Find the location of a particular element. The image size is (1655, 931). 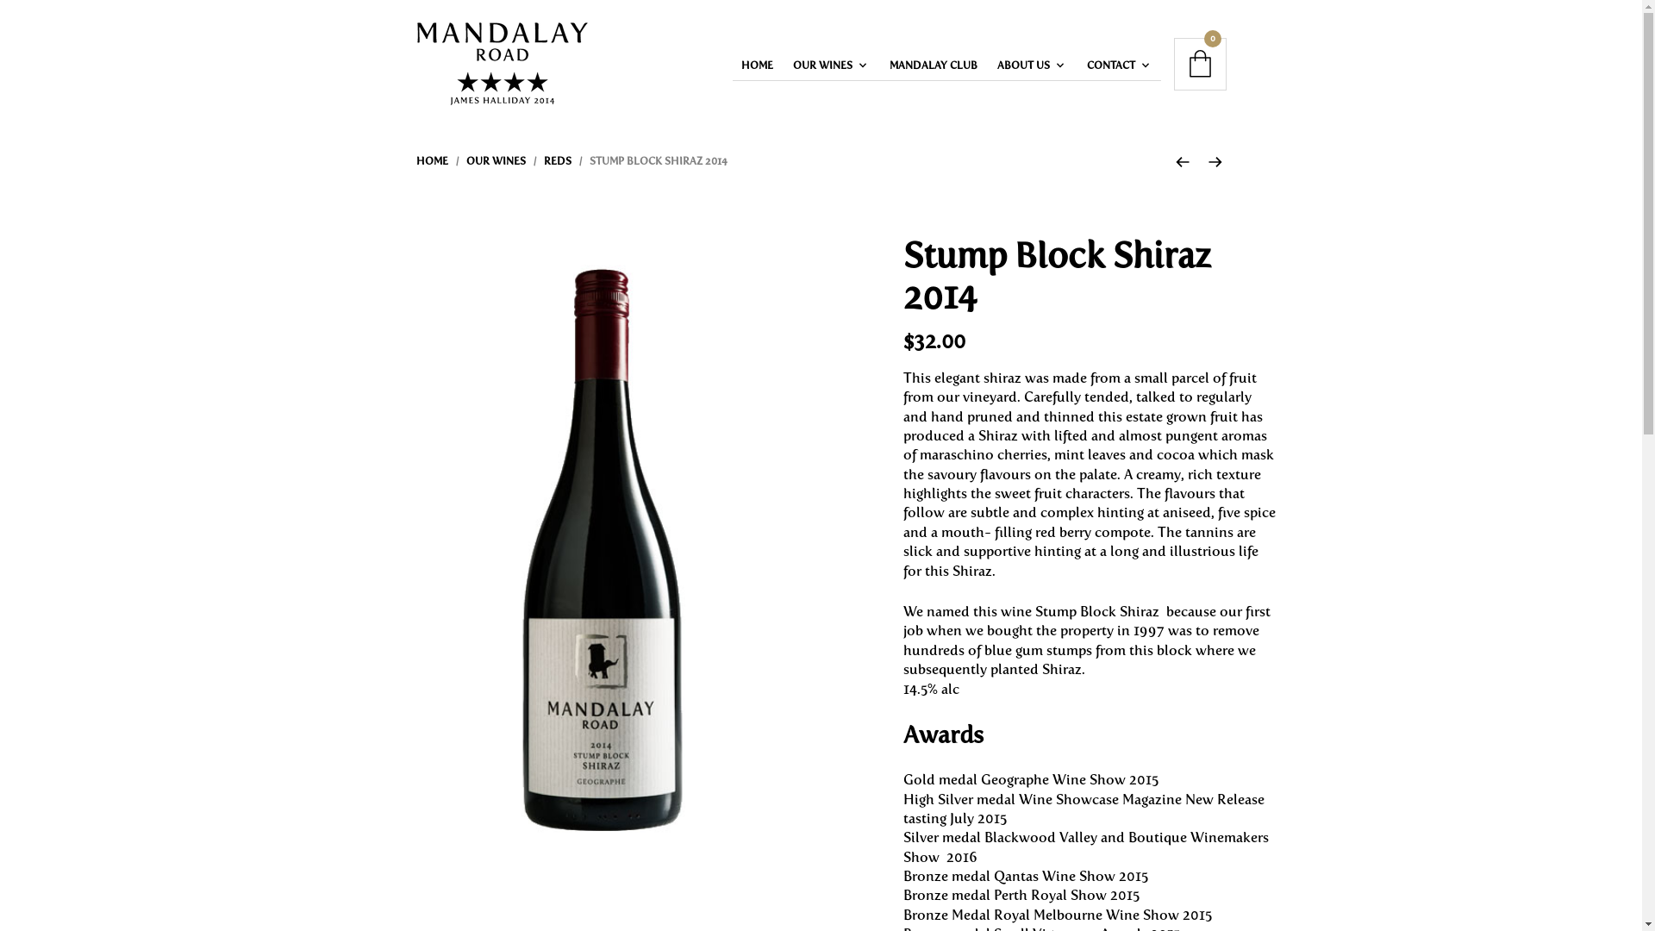

'0' is located at coordinates (1199, 63).